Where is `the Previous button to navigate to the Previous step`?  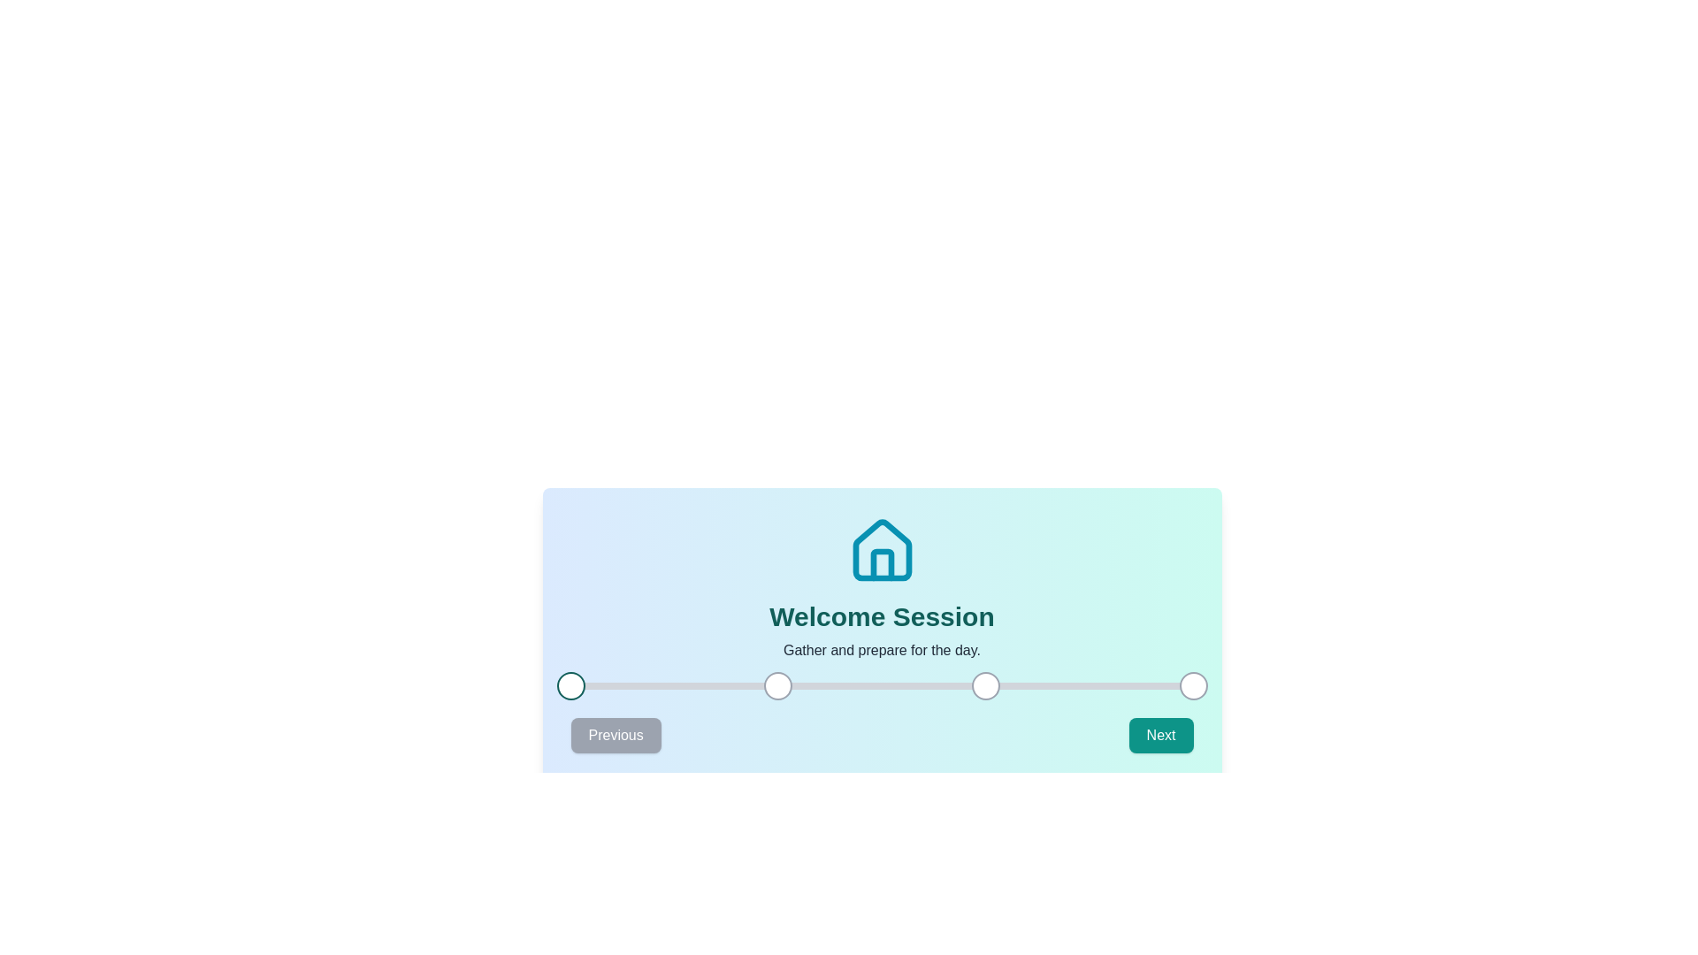
the Previous button to navigate to the Previous step is located at coordinates (616, 736).